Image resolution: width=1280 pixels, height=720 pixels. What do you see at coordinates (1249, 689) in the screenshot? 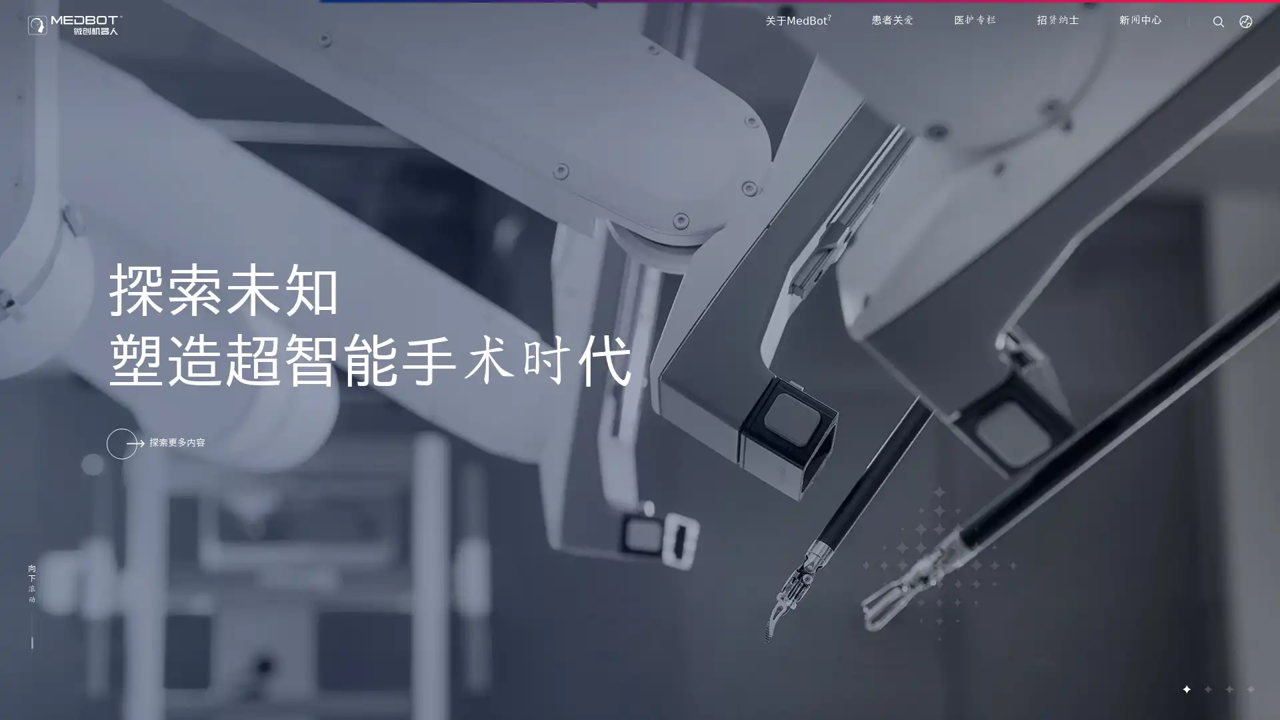
I see `Go to slide 4` at bounding box center [1249, 689].